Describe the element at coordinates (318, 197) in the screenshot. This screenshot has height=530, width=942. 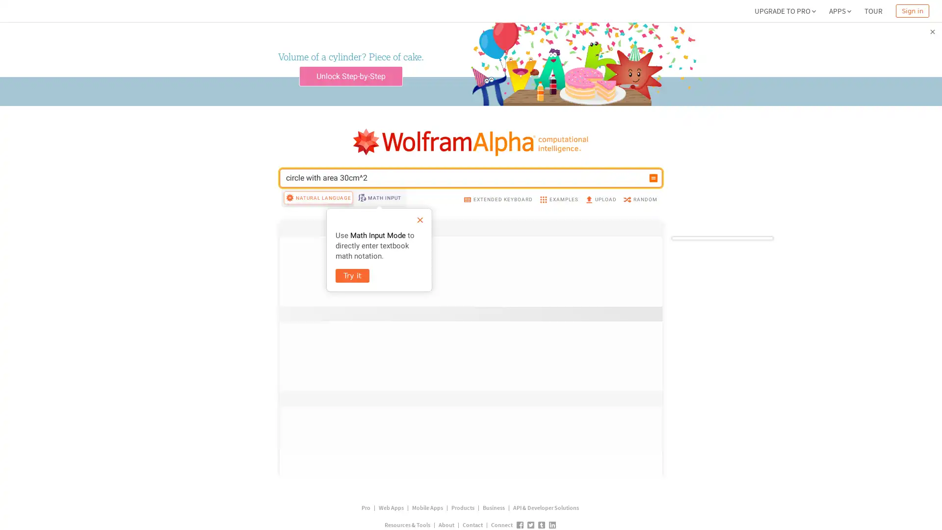
I see `NATURAL LANGUAGE` at that location.